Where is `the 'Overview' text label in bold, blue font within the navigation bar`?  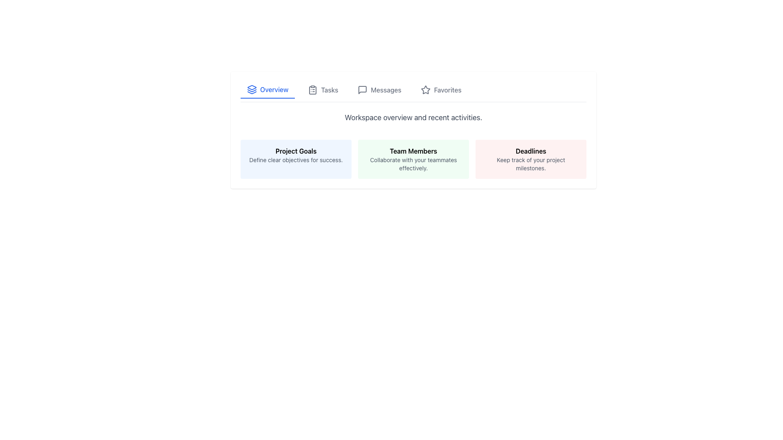
the 'Overview' text label in bold, blue font within the navigation bar is located at coordinates (274, 89).